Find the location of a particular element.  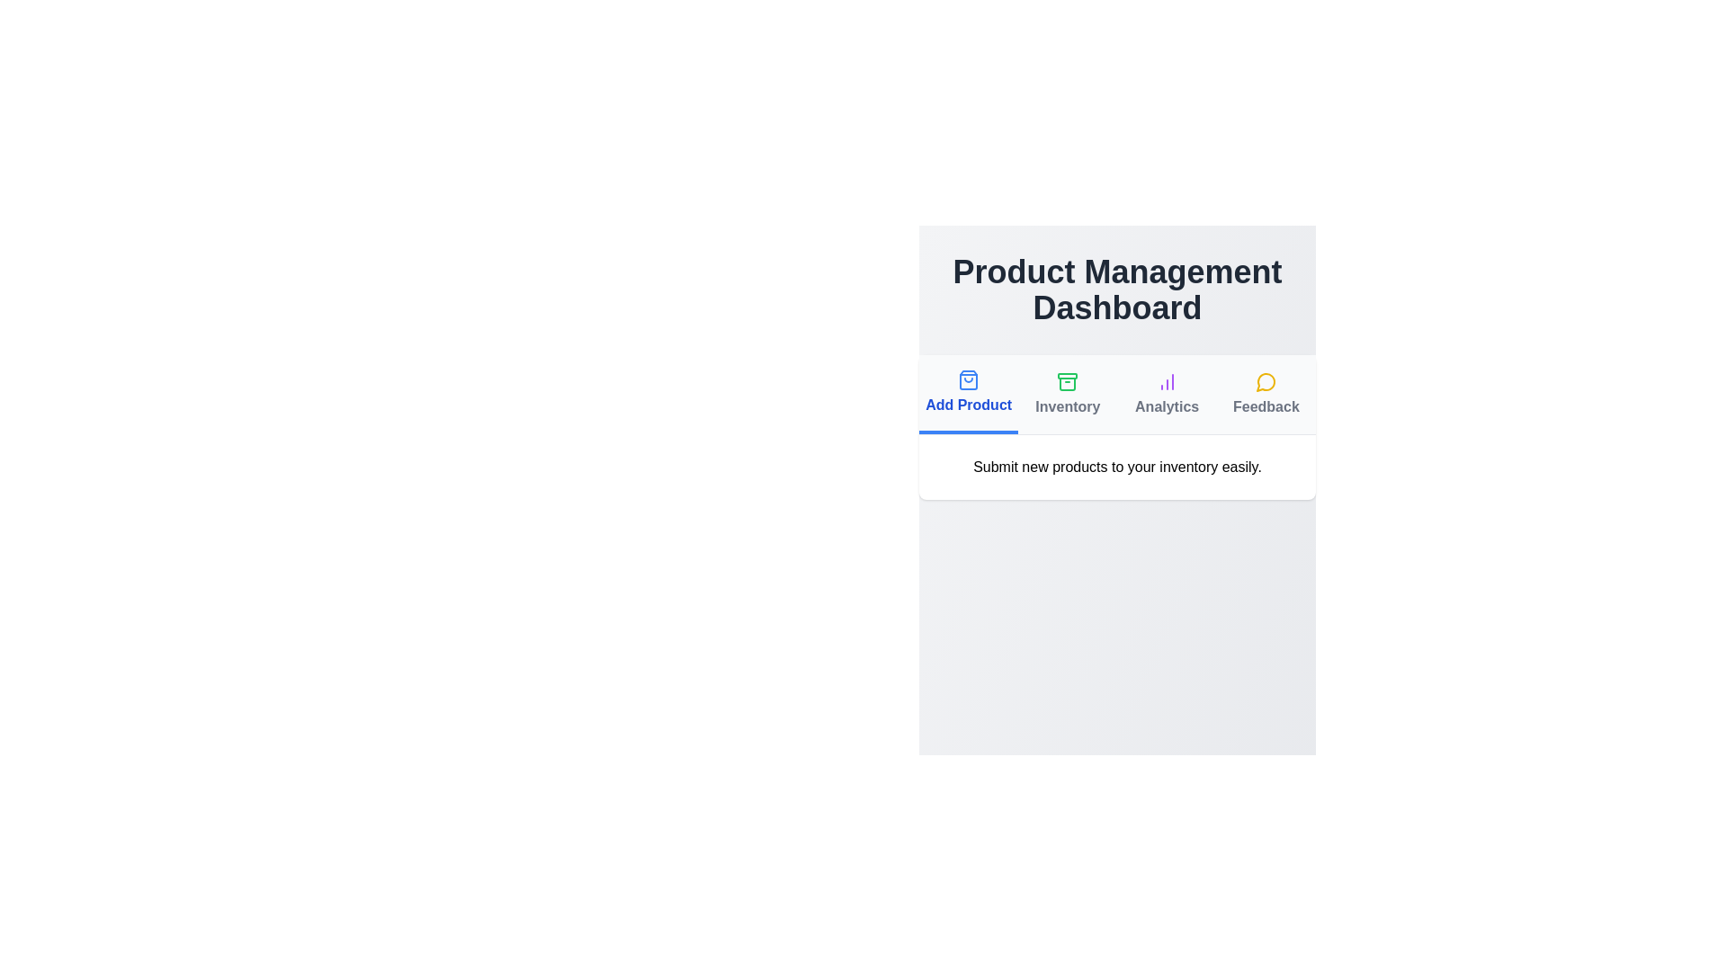

the green outlined rectangular icon depicting an archive box labeled 'Inventory' located in the second position of the horizontal navigation bar under 'Product Management Dashboard' is located at coordinates (1068, 380).